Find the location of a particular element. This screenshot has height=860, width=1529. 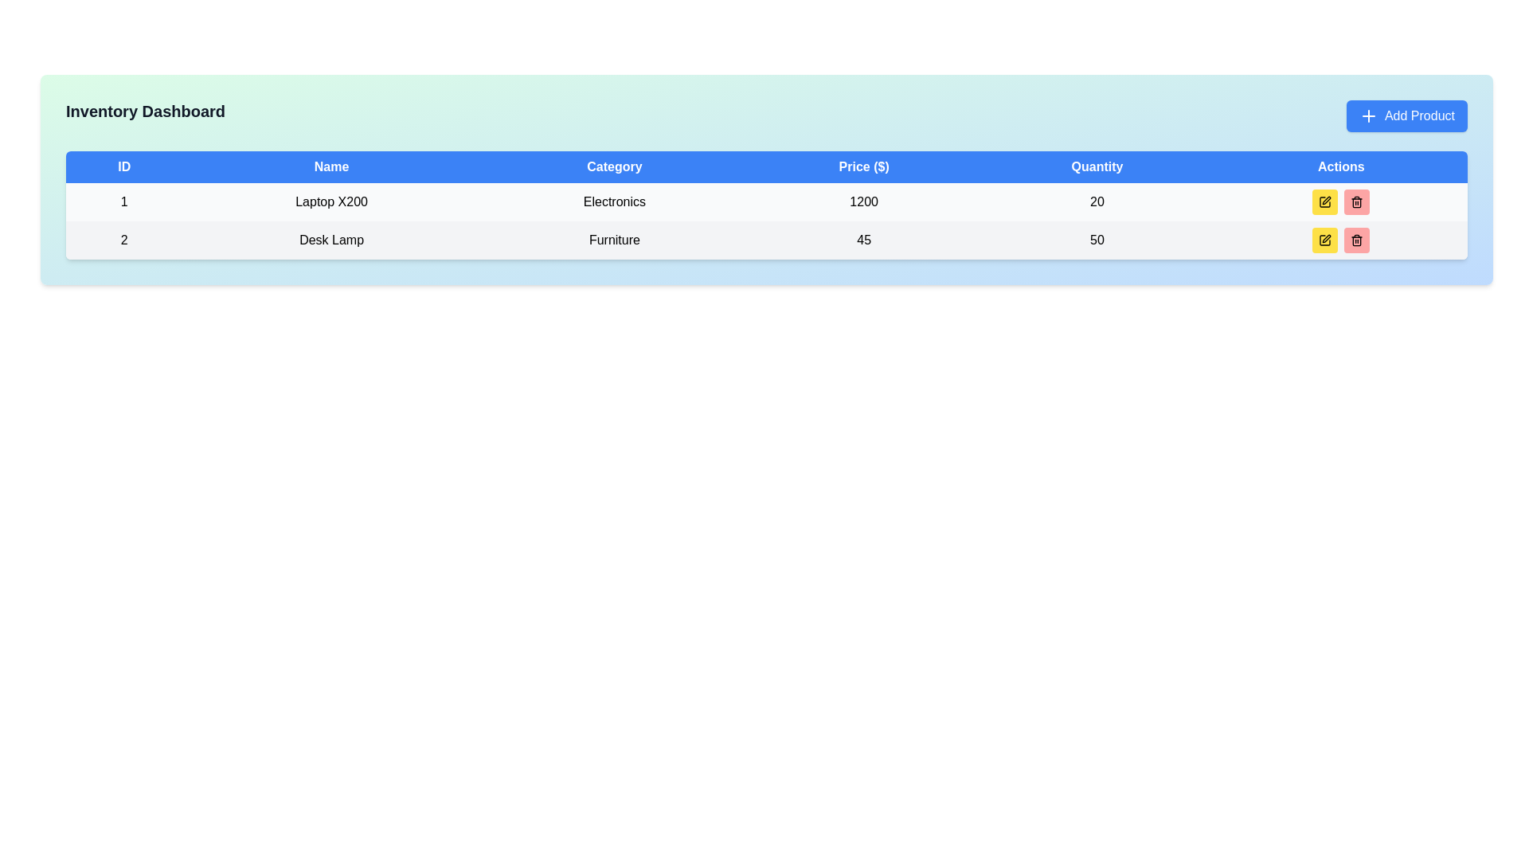

the 'Desk Lamp' text label in the inventory dashboard table to focus on it is located at coordinates (330, 240).